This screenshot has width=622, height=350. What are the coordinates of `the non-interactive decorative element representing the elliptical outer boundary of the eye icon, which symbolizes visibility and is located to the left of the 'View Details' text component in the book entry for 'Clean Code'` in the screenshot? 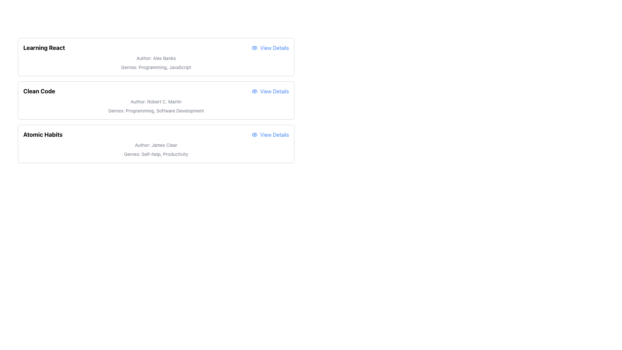 It's located at (254, 47).